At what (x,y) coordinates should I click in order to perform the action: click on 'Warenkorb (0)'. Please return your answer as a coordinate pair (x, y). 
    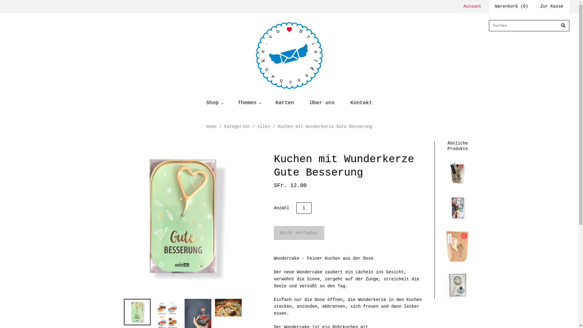
    Looking at the image, I should click on (511, 6).